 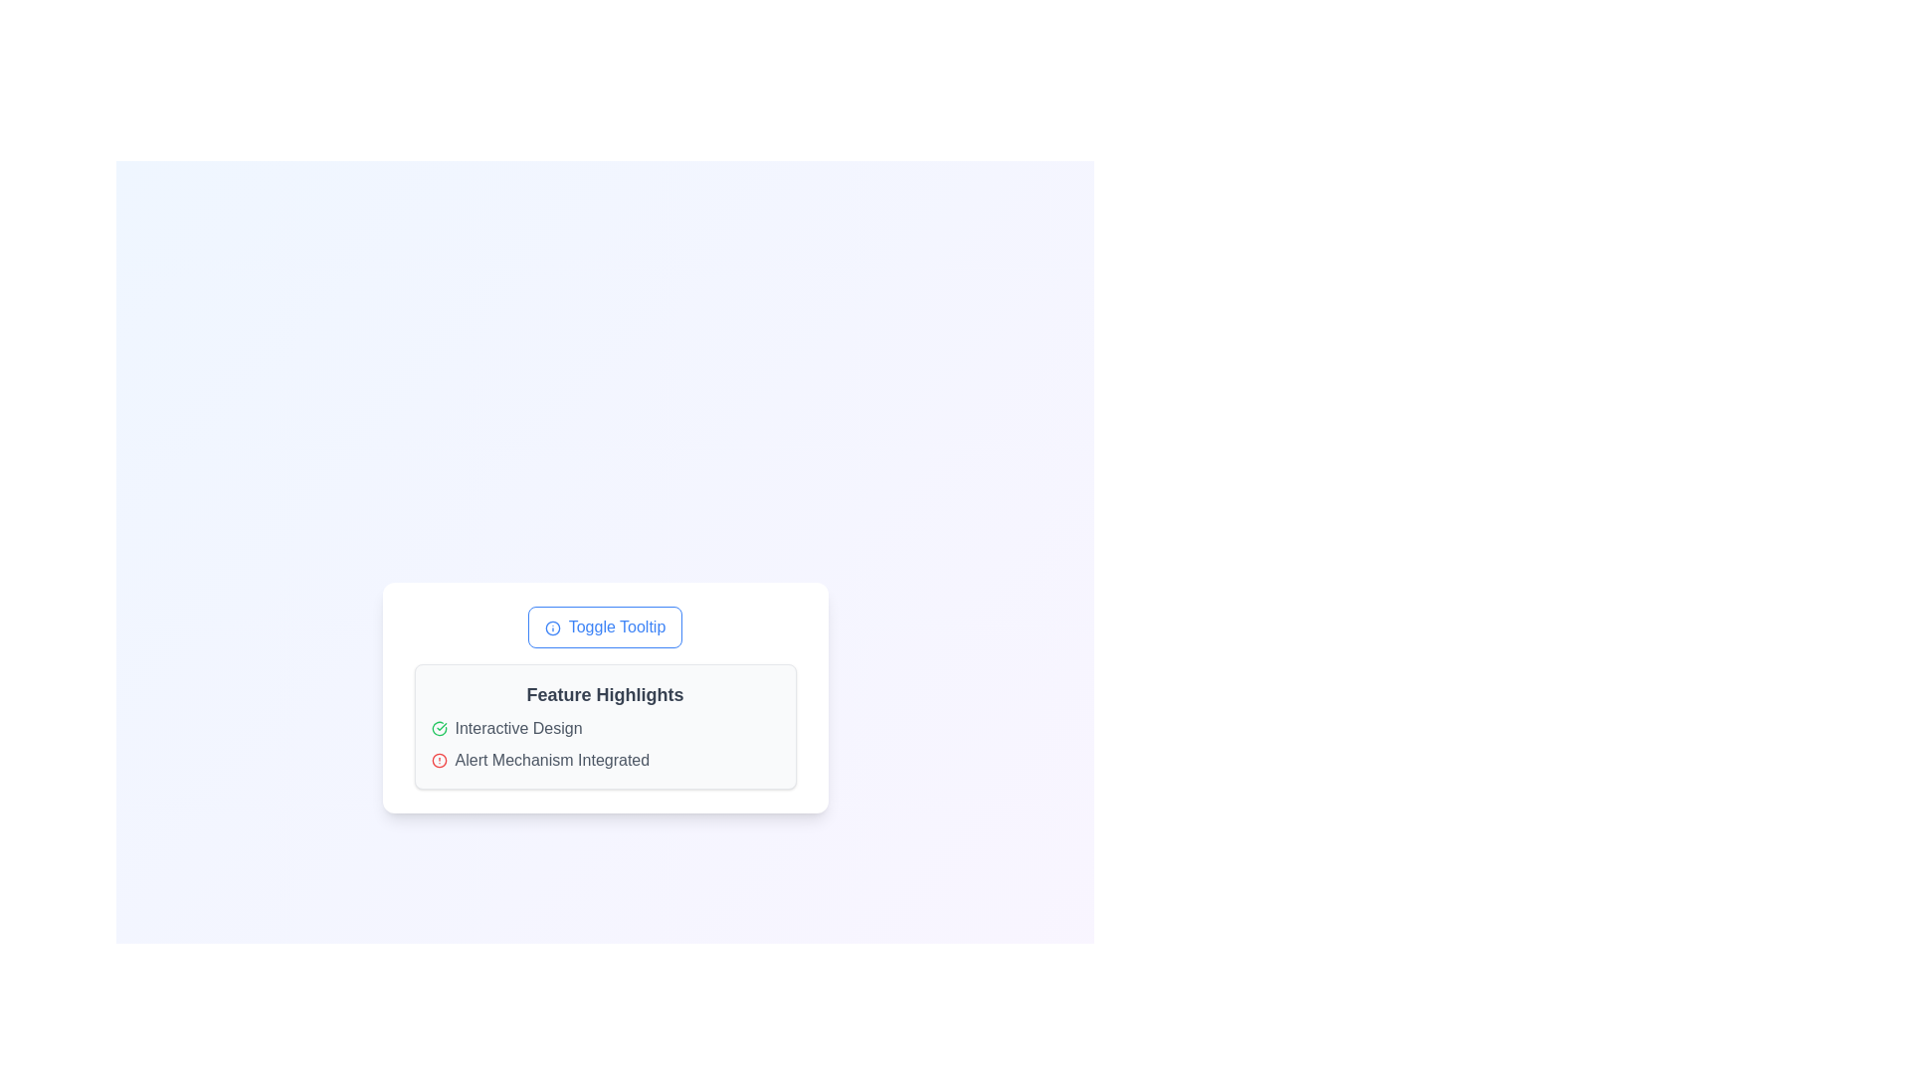 I want to click on the graphical icon or status indicator located beneath the 'Feature Highlights' heading and to the left of the 'Interactive Design' text, so click(x=438, y=728).